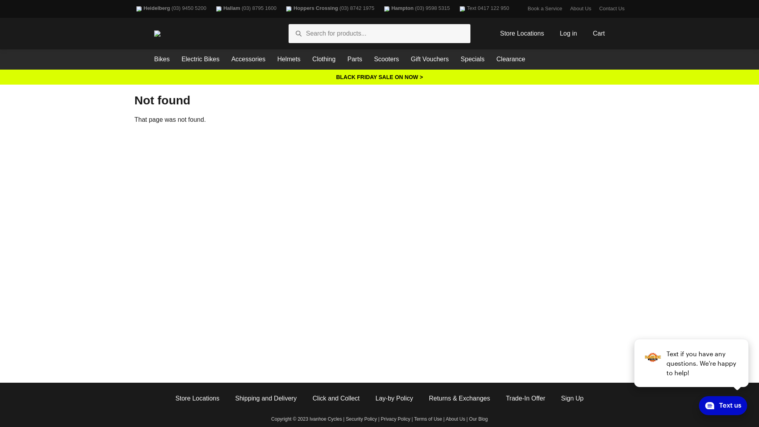 This screenshot has width=759, height=427. What do you see at coordinates (472, 59) in the screenshot?
I see `'Specials'` at bounding box center [472, 59].